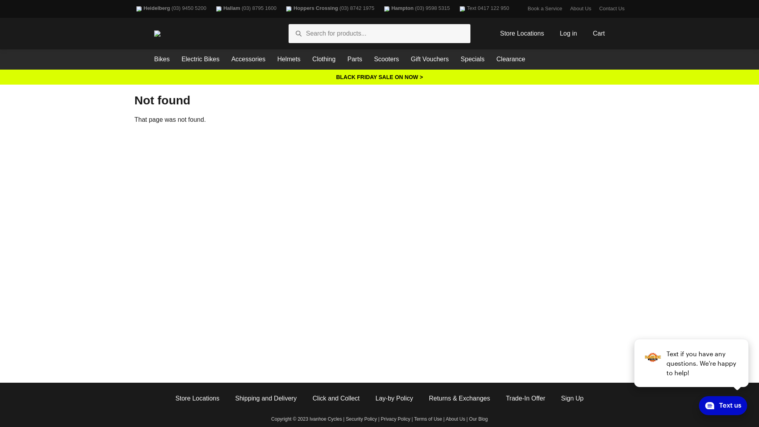 This screenshot has width=759, height=427. What do you see at coordinates (472, 59) in the screenshot?
I see `'Specials'` at bounding box center [472, 59].